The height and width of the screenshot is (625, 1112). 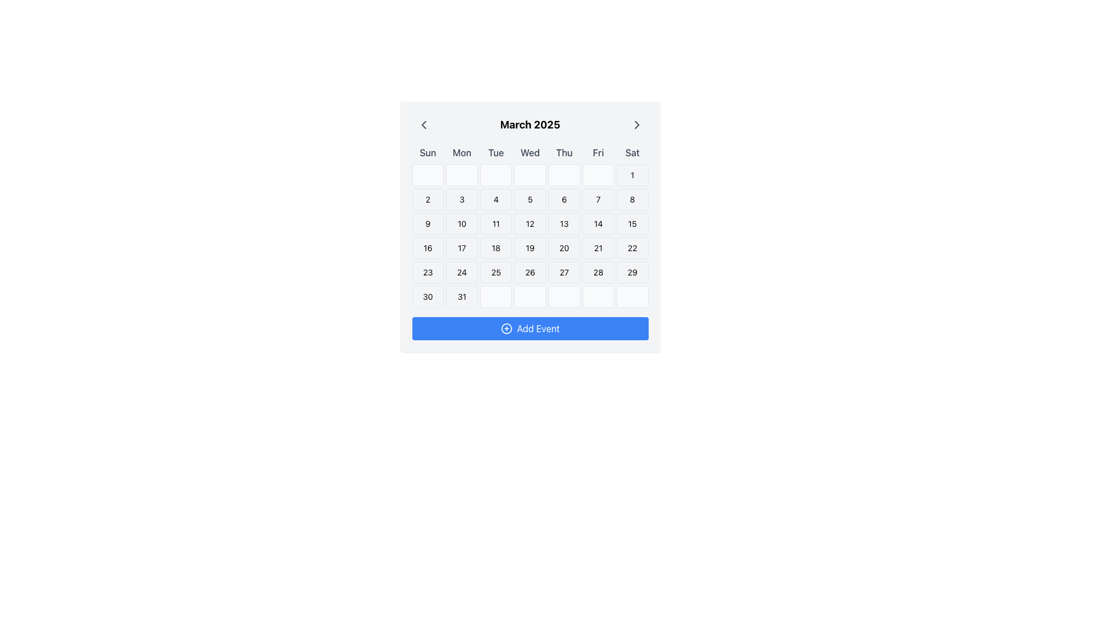 I want to click on the left-facing chevron button, which is a minimalistic black outline within a circular button, located in the top-left portion of the calendar interface, so click(x=423, y=125).